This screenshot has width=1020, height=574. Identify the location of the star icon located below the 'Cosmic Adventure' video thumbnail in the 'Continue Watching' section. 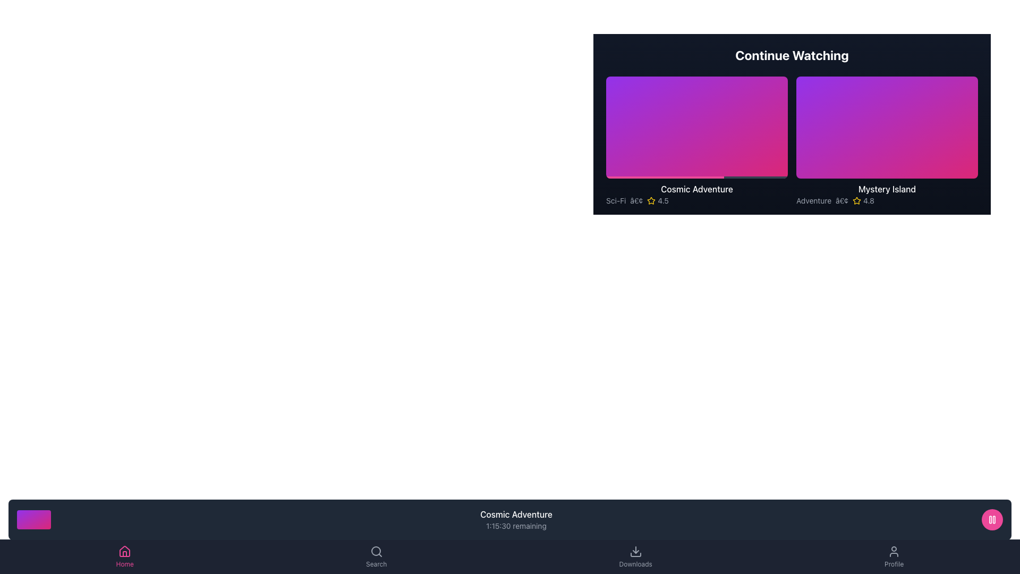
(651, 201).